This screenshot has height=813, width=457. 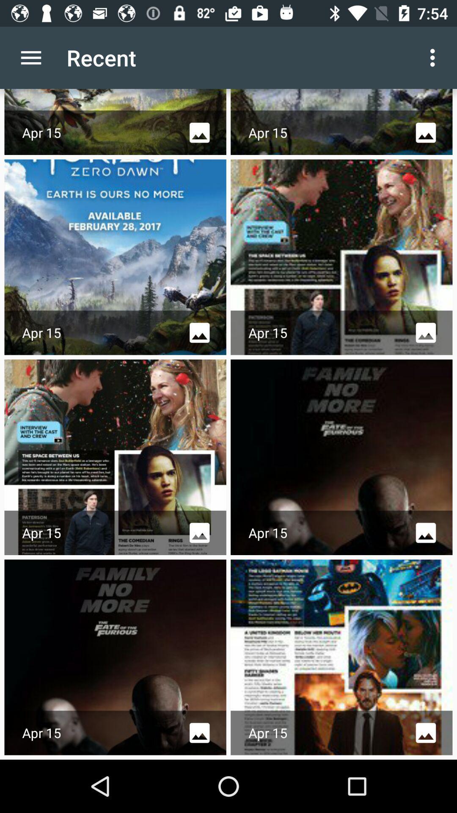 I want to click on icon next to recent icon, so click(x=30, y=57).